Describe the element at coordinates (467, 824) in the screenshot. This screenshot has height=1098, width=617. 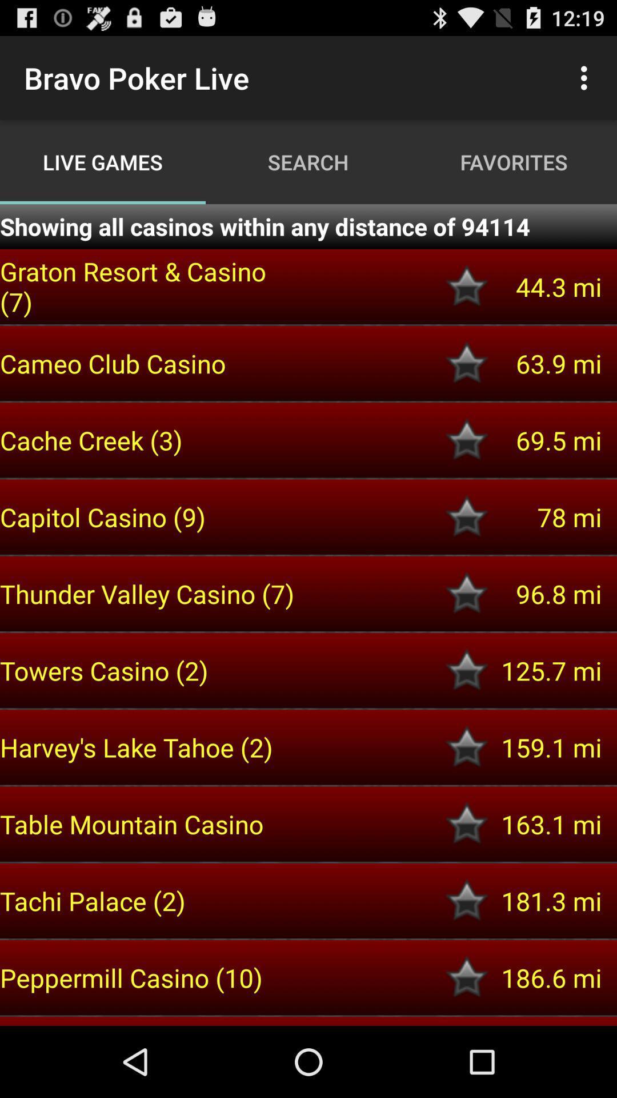
I see `make favorite` at that location.